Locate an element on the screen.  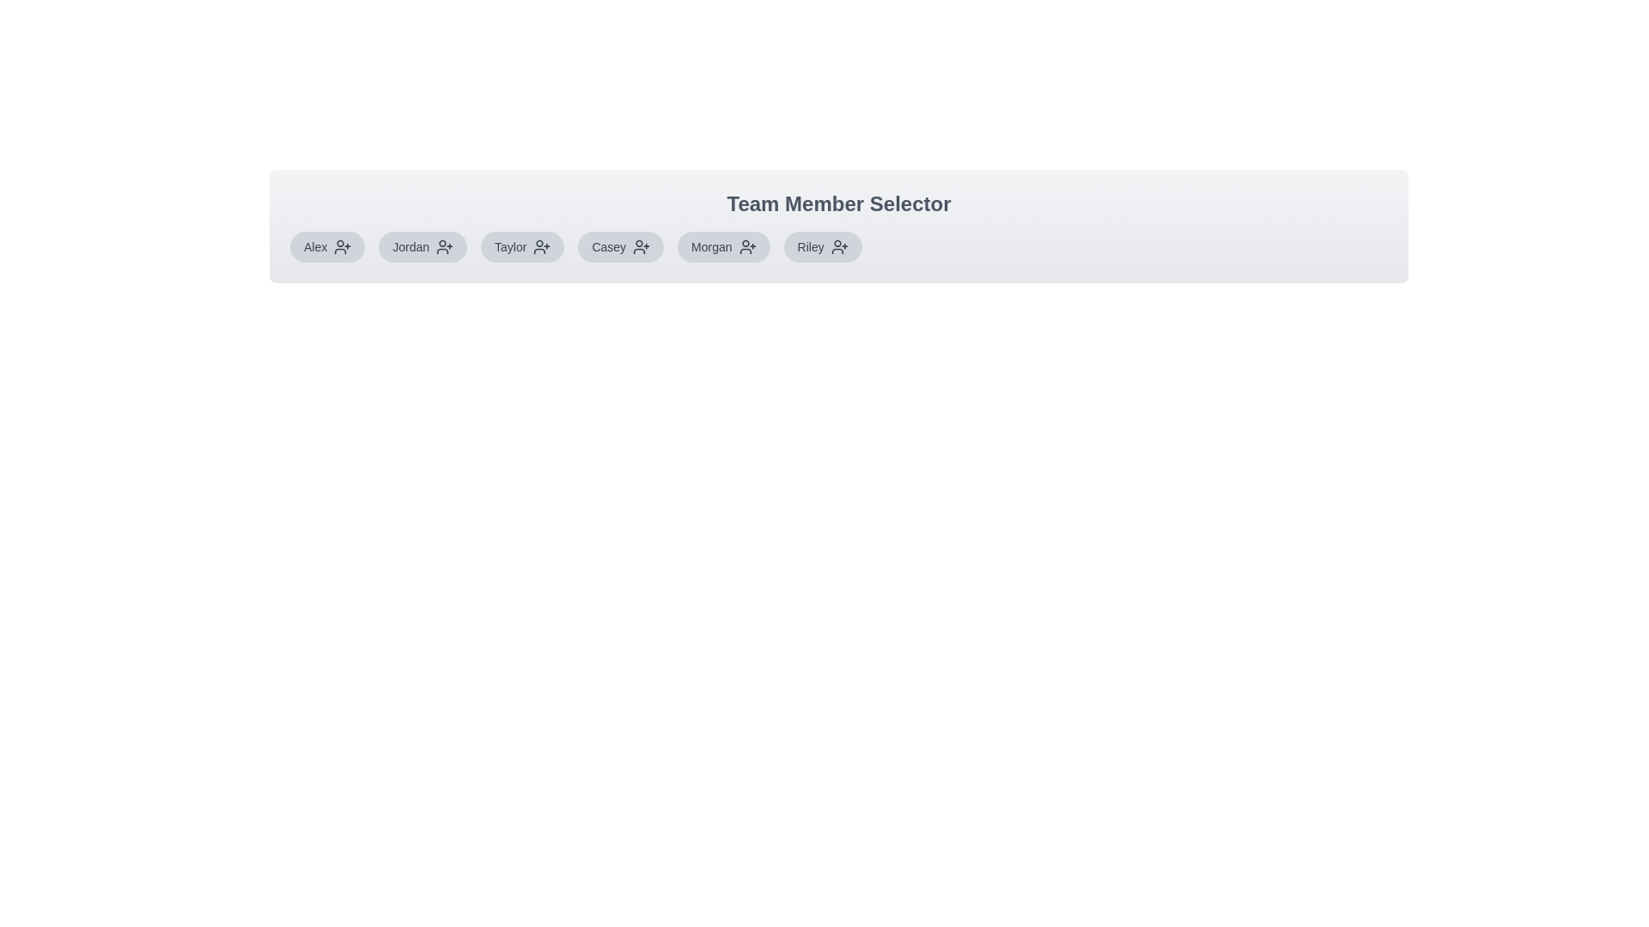
the team member Alex is located at coordinates (326, 247).